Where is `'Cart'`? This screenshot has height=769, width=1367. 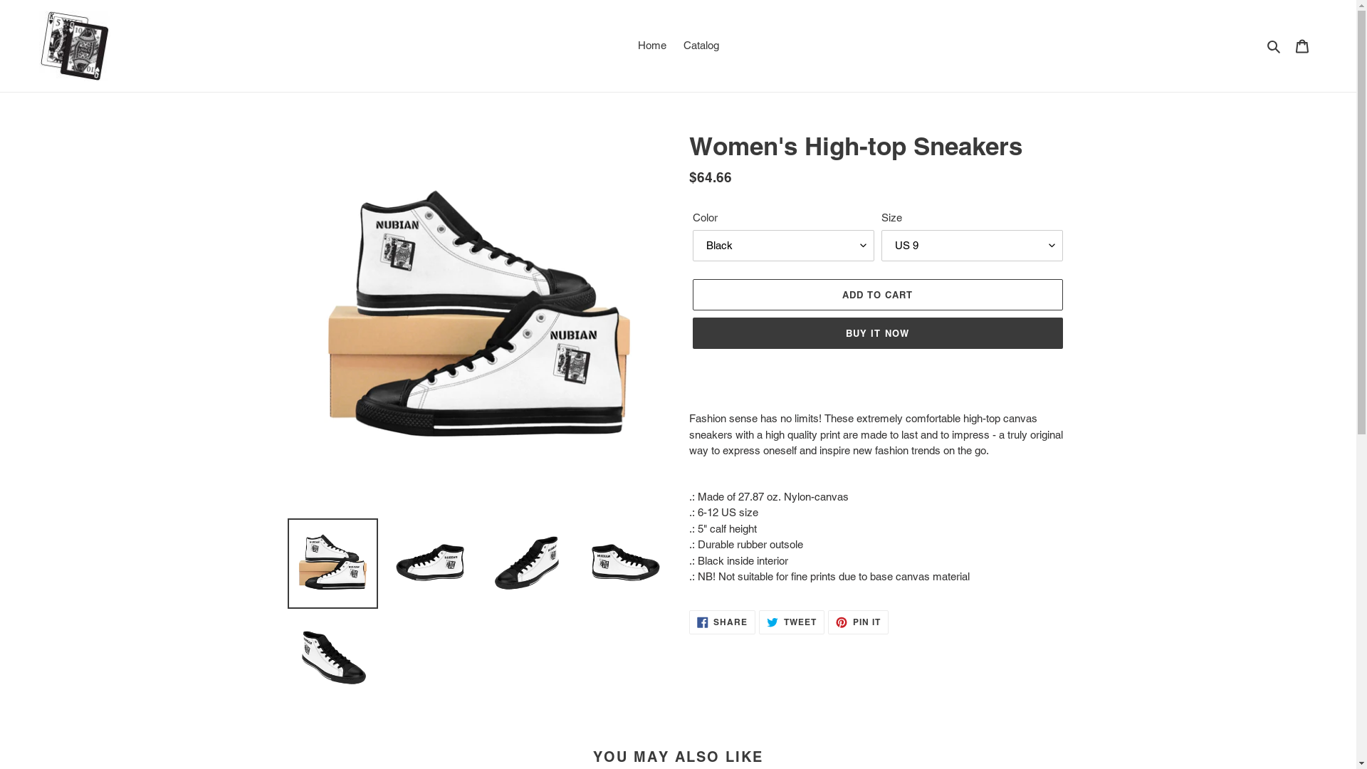
'Cart' is located at coordinates (1301, 45).